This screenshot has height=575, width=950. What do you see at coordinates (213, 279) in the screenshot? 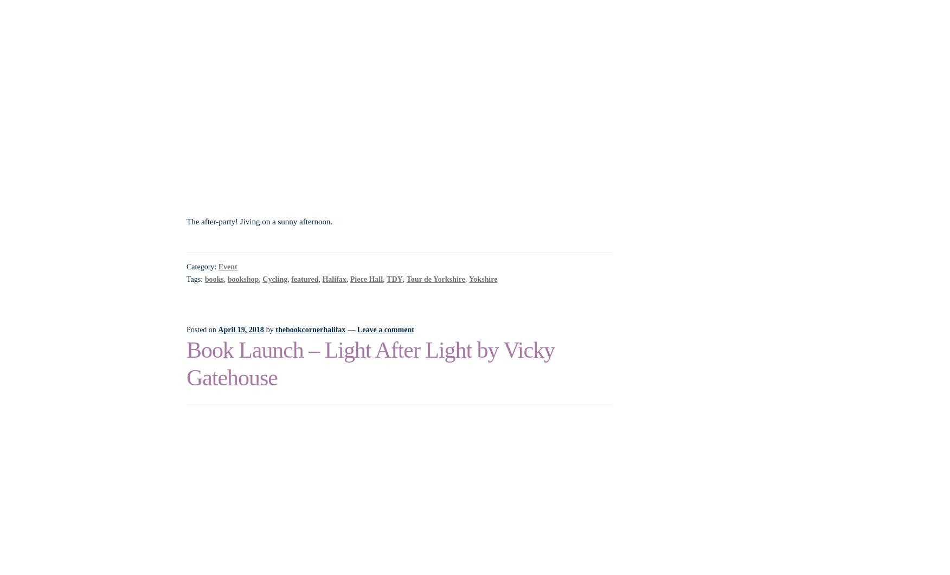
I see `'books'` at bounding box center [213, 279].